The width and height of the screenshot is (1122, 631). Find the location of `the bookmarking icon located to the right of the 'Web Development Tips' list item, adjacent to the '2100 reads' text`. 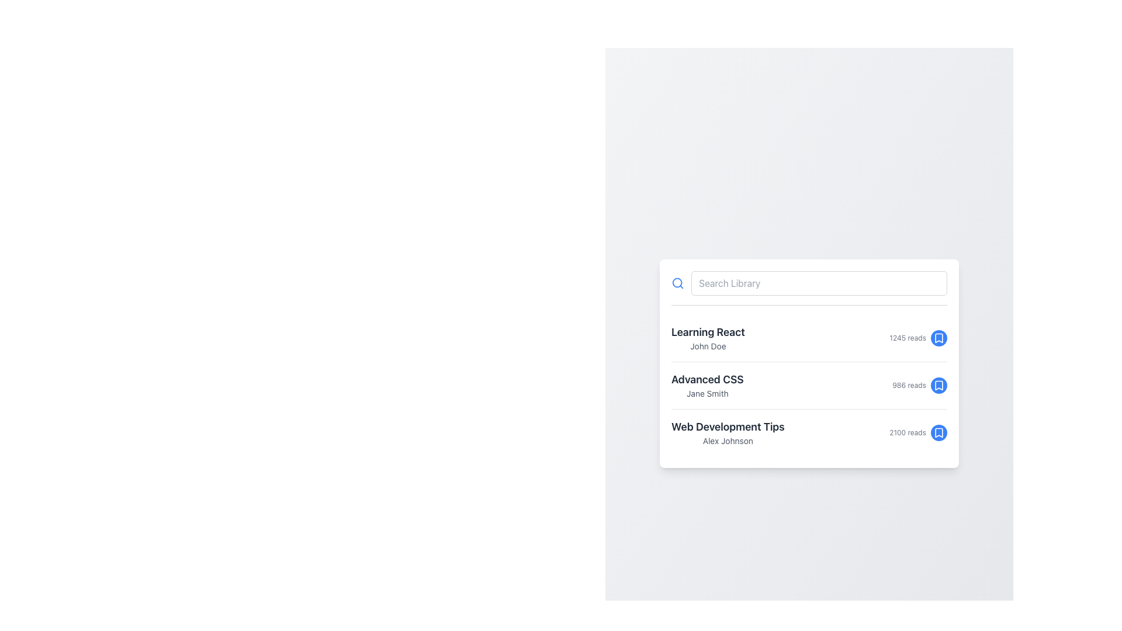

the bookmarking icon located to the right of the 'Web Development Tips' list item, adjacent to the '2100 reads' text is located at coordinates (939, 432).